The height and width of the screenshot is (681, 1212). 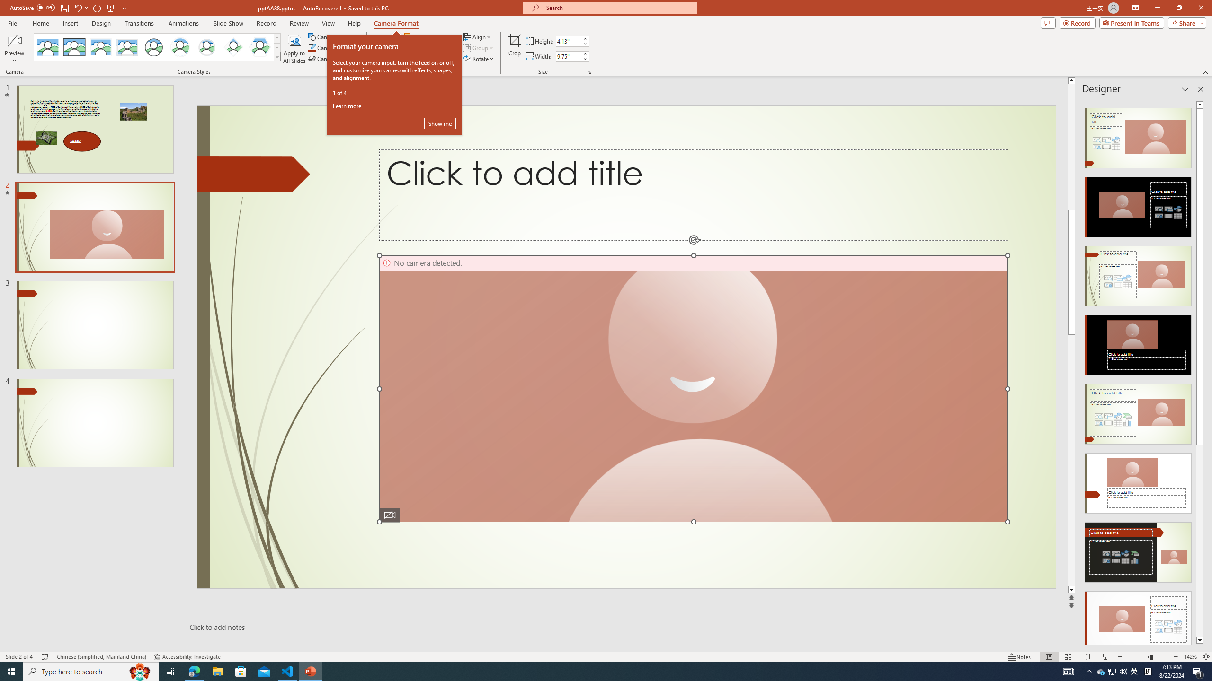 What do you see at coordinates (48, 47) in the screenshot?
I see `'No Style'` at bounding box center [48, 47].